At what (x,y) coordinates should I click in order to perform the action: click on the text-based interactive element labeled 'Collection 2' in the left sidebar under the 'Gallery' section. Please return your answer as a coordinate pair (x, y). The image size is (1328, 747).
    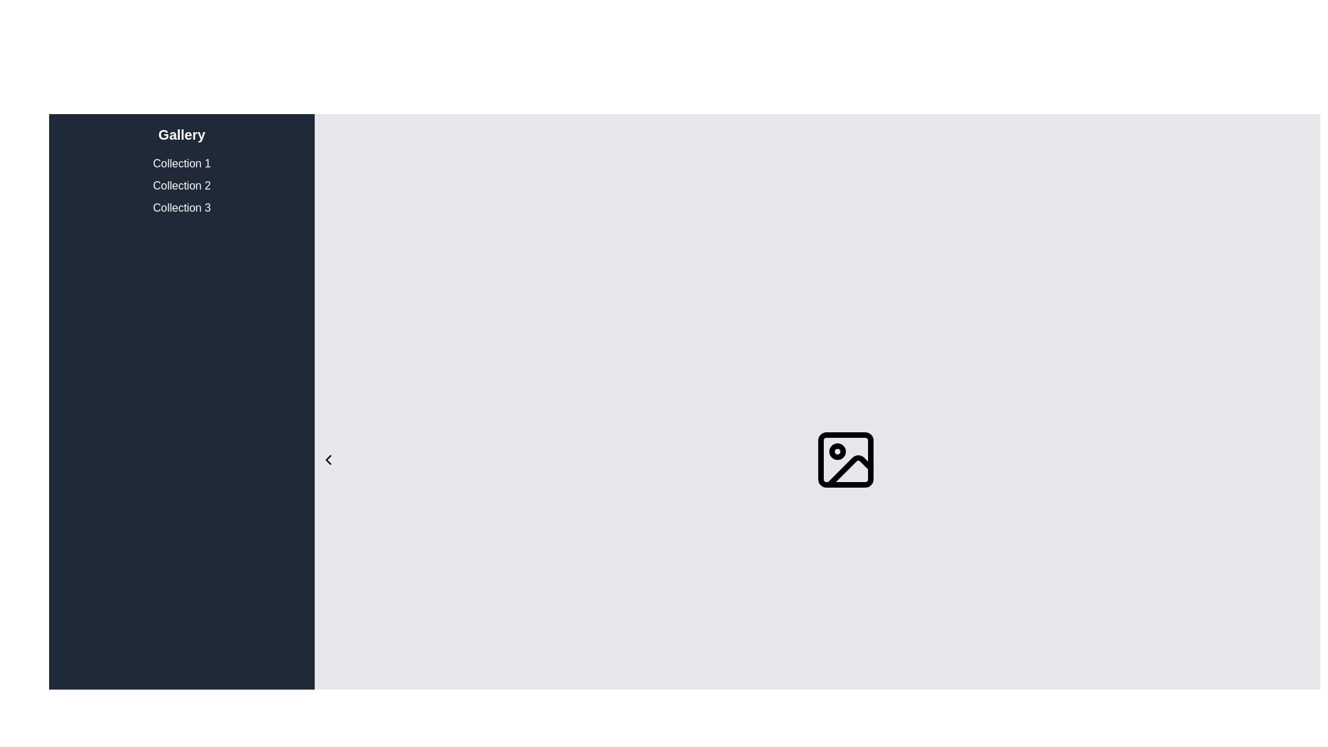
    Looking at the image, I should click on (181, 185).